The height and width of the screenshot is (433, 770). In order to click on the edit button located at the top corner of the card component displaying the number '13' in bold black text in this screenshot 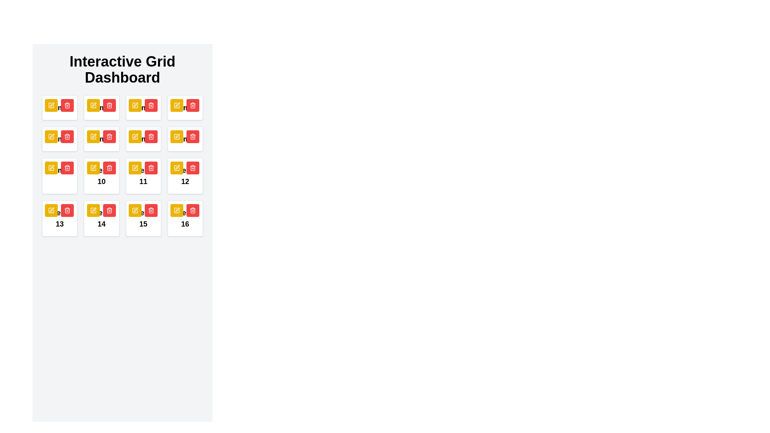, I will do `click(59, 218)`.